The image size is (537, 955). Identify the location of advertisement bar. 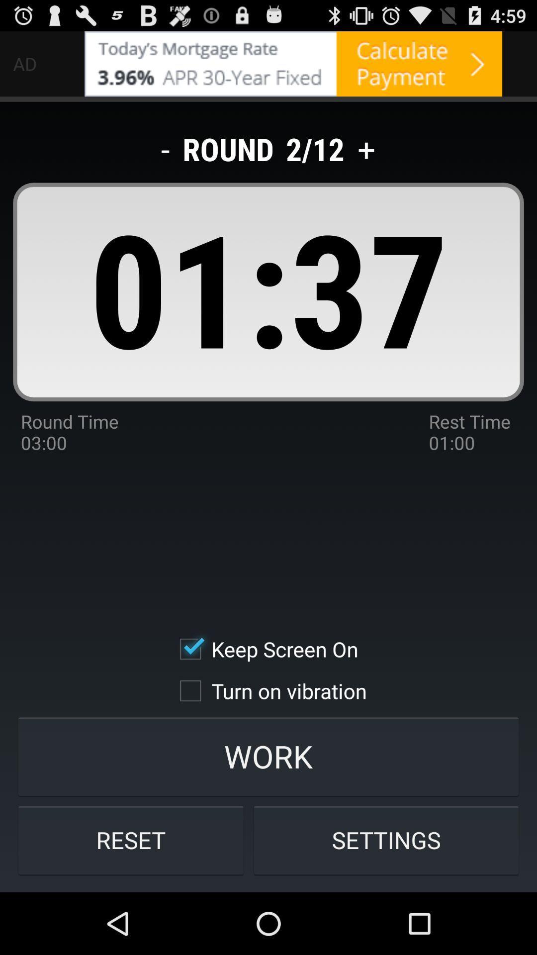
(293, 63).